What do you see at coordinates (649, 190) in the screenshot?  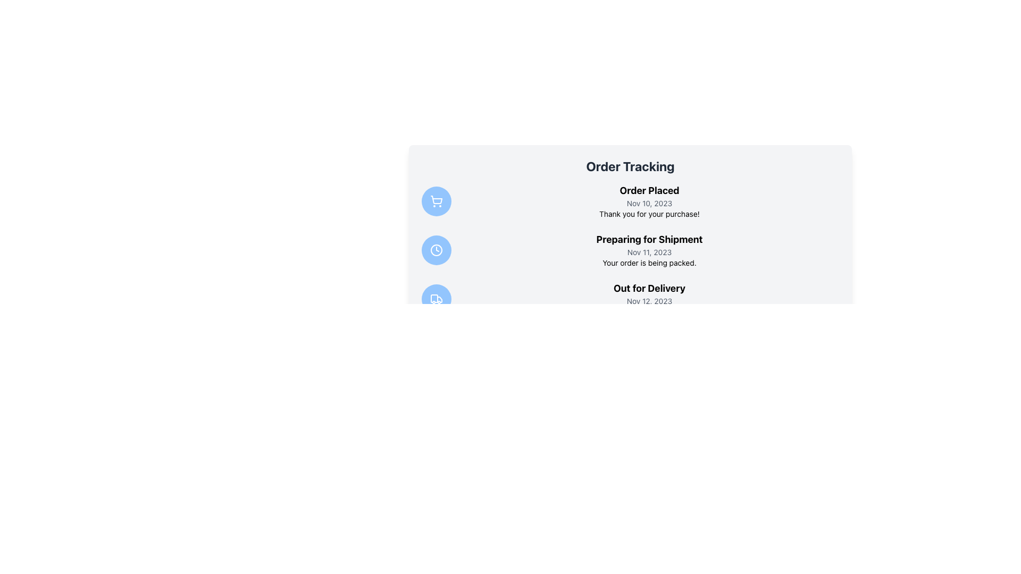 I see `bold text label stating 'Order Placed' located at the center of the 'Order Tracking' panel, above the details 'Nov 10, 2023' and 'Thank you for your purchase!'` at bounding box center [649, 190].